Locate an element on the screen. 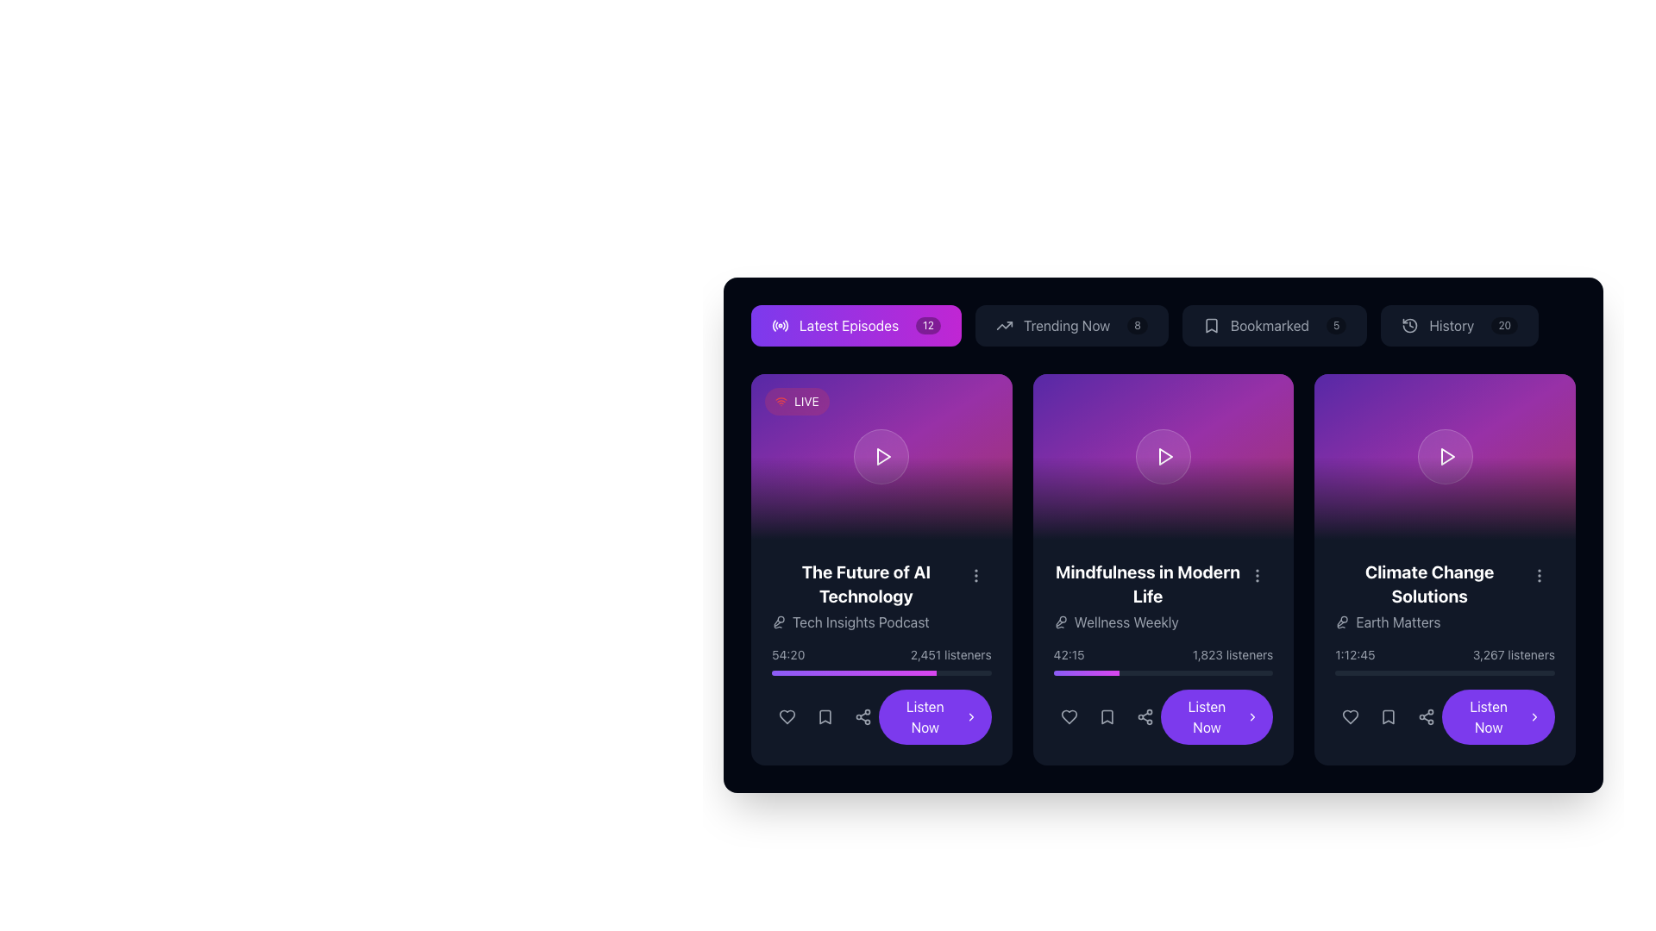 The width and height of the screenshot is (1656, 931). the bookmark icon button, which is the middle icon in a row of three located beneath the 'Mindfulness in Modern Life' card is located at coordinates (1107, 717).